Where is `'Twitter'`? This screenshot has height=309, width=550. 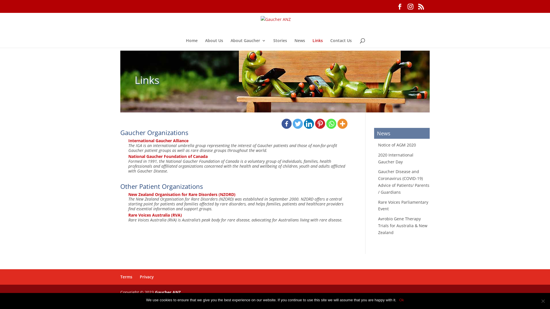 'Twitter' is located at coordinates (298, 123).